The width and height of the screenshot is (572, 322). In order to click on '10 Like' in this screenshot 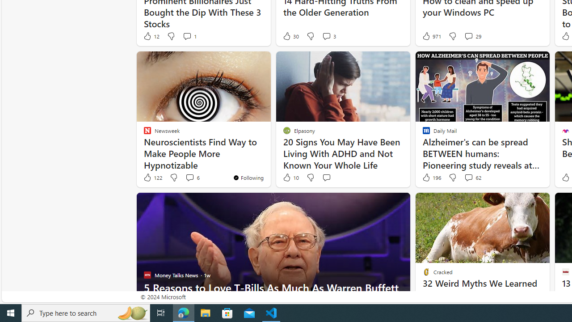, I will do `click(290, 178)`.